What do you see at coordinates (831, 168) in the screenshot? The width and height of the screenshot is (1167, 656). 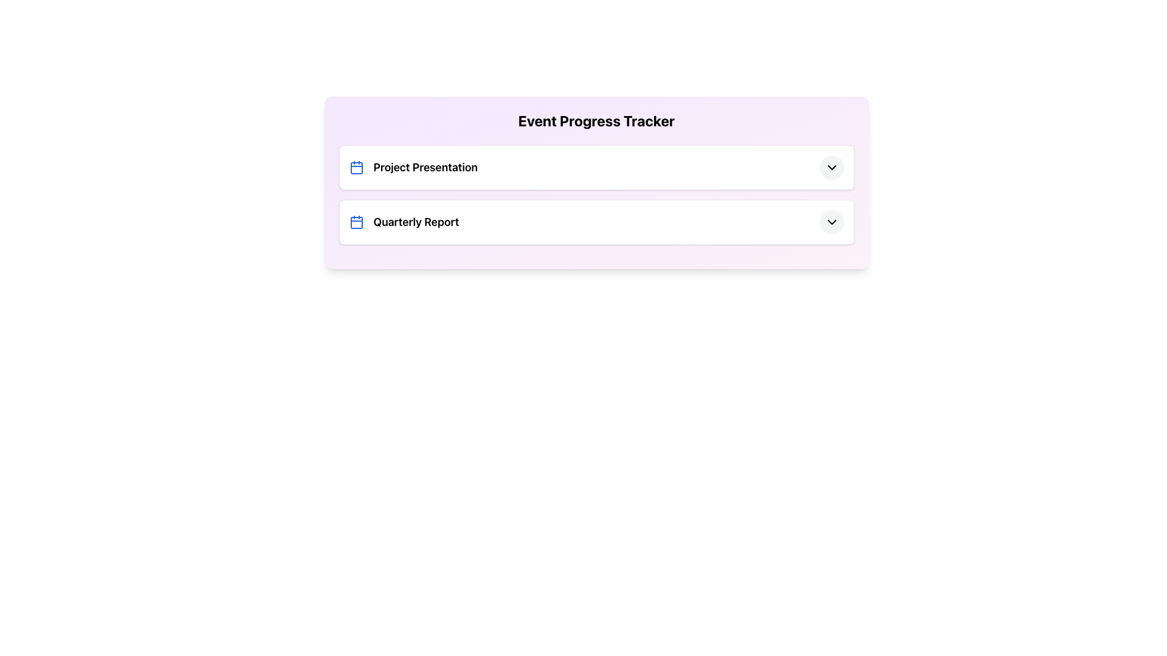 I see `the circular button with a light gray background and a downward-pointing chevron icon, located on the far right side of the top item under 'Event Progress Tracker' to observe styling changes` at bounding box center [831, 168].